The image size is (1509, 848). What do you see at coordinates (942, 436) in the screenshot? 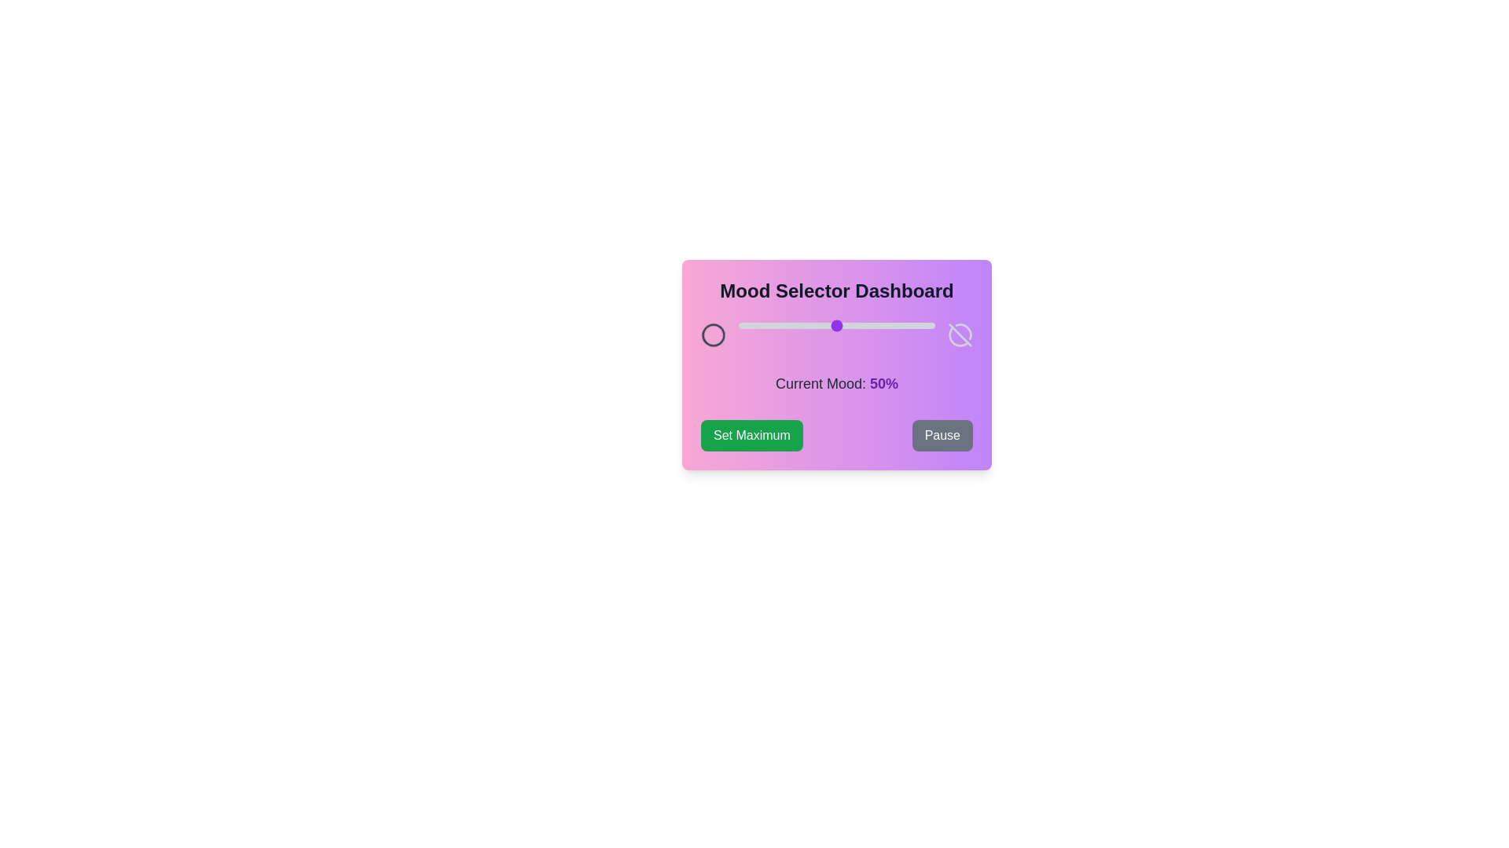
I see `'Pause' button to toggle the pause state` at bounding box center [942, 436].